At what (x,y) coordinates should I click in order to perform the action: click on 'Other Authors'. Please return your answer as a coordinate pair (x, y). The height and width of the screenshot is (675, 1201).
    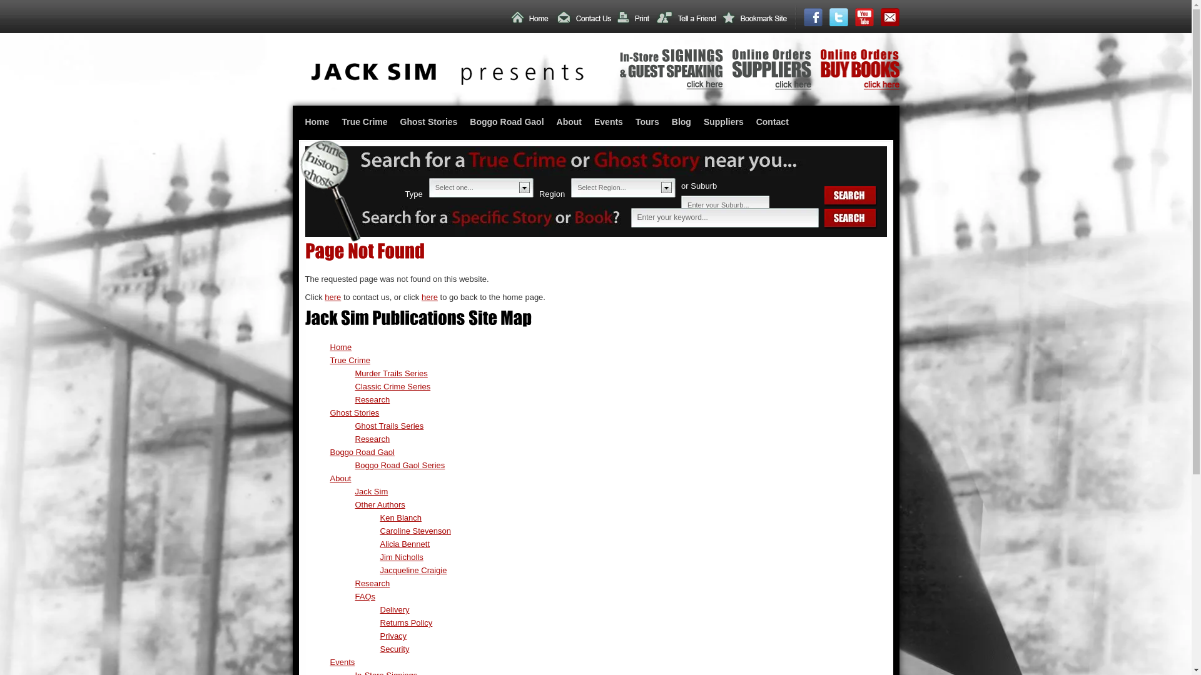
    Looking at the image, I should click on (380, 504).